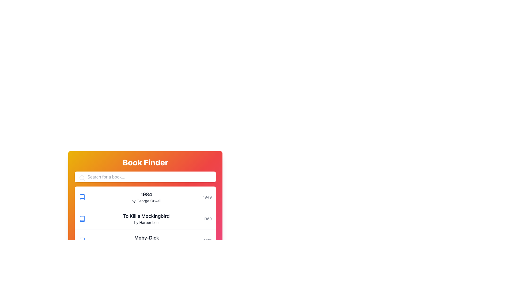 Image resolution: width=514 pixels, height=289 pixels. What do you see at coordinates (82, 240) in the screenshot?
I see `the thin, blue-lined book icon located to the left of the text 'Moby-Dick'` at bounding box center [82, 240].